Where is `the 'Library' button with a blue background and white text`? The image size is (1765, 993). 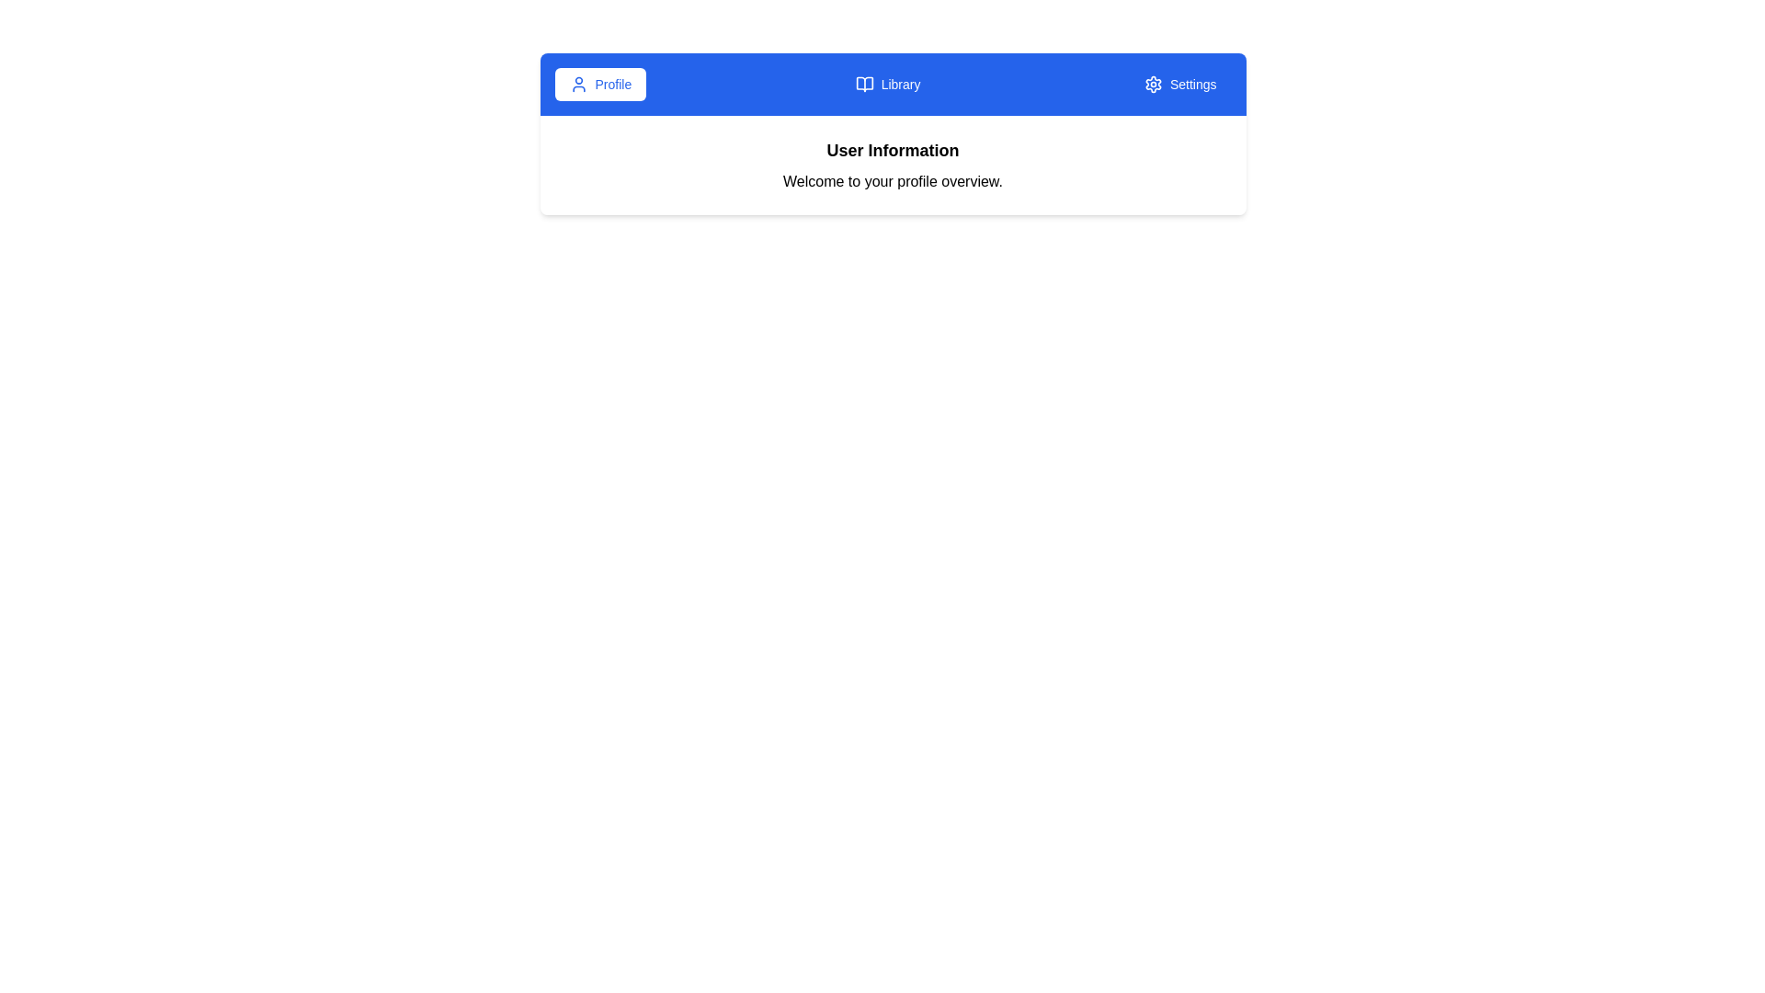 the 'Library' button with a blue background and white text is located at coordinates (887, 85).